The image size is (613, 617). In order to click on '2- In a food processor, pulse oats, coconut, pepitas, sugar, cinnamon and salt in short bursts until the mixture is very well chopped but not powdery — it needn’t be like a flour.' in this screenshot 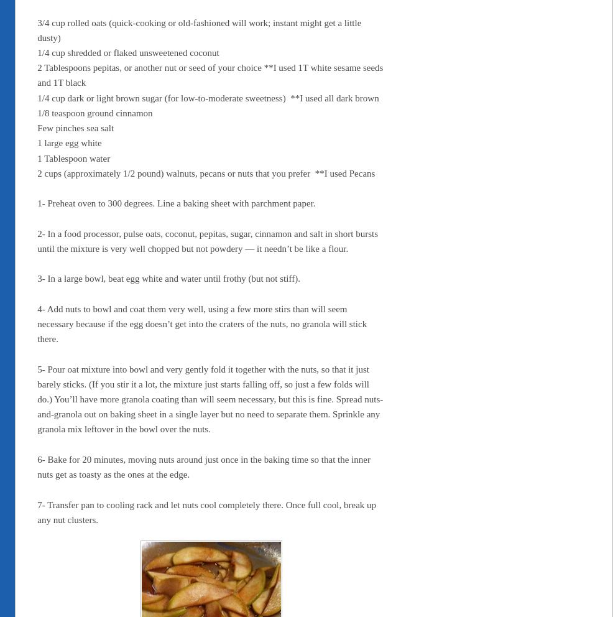, I will do `click(206, 240)`.